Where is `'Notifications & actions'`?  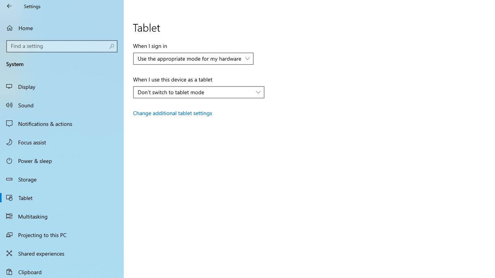 'Notifications & actions' is located at coordinates (62, 123).